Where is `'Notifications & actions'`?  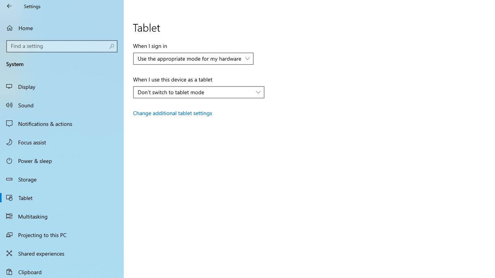 'Notifications & actions' is located at coordinates (62, 123).